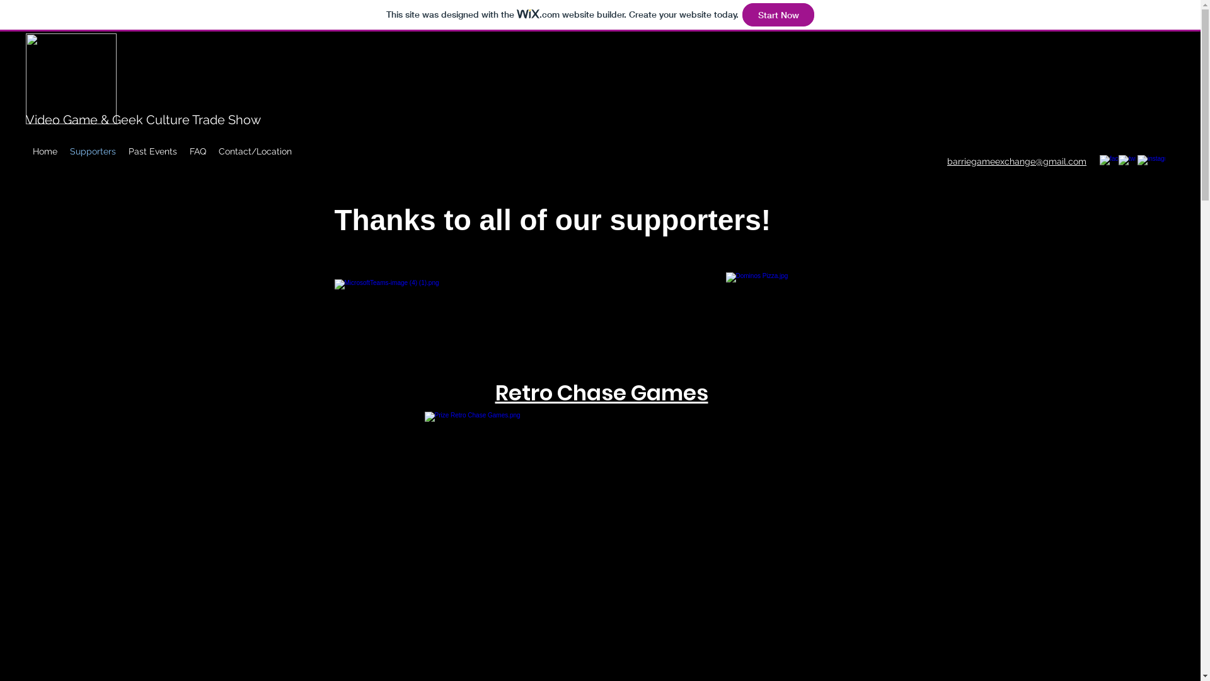 Image resolution: width=1210 pixels, height=681 pixels. I want to click on 'FAQ', so click(183, 150).